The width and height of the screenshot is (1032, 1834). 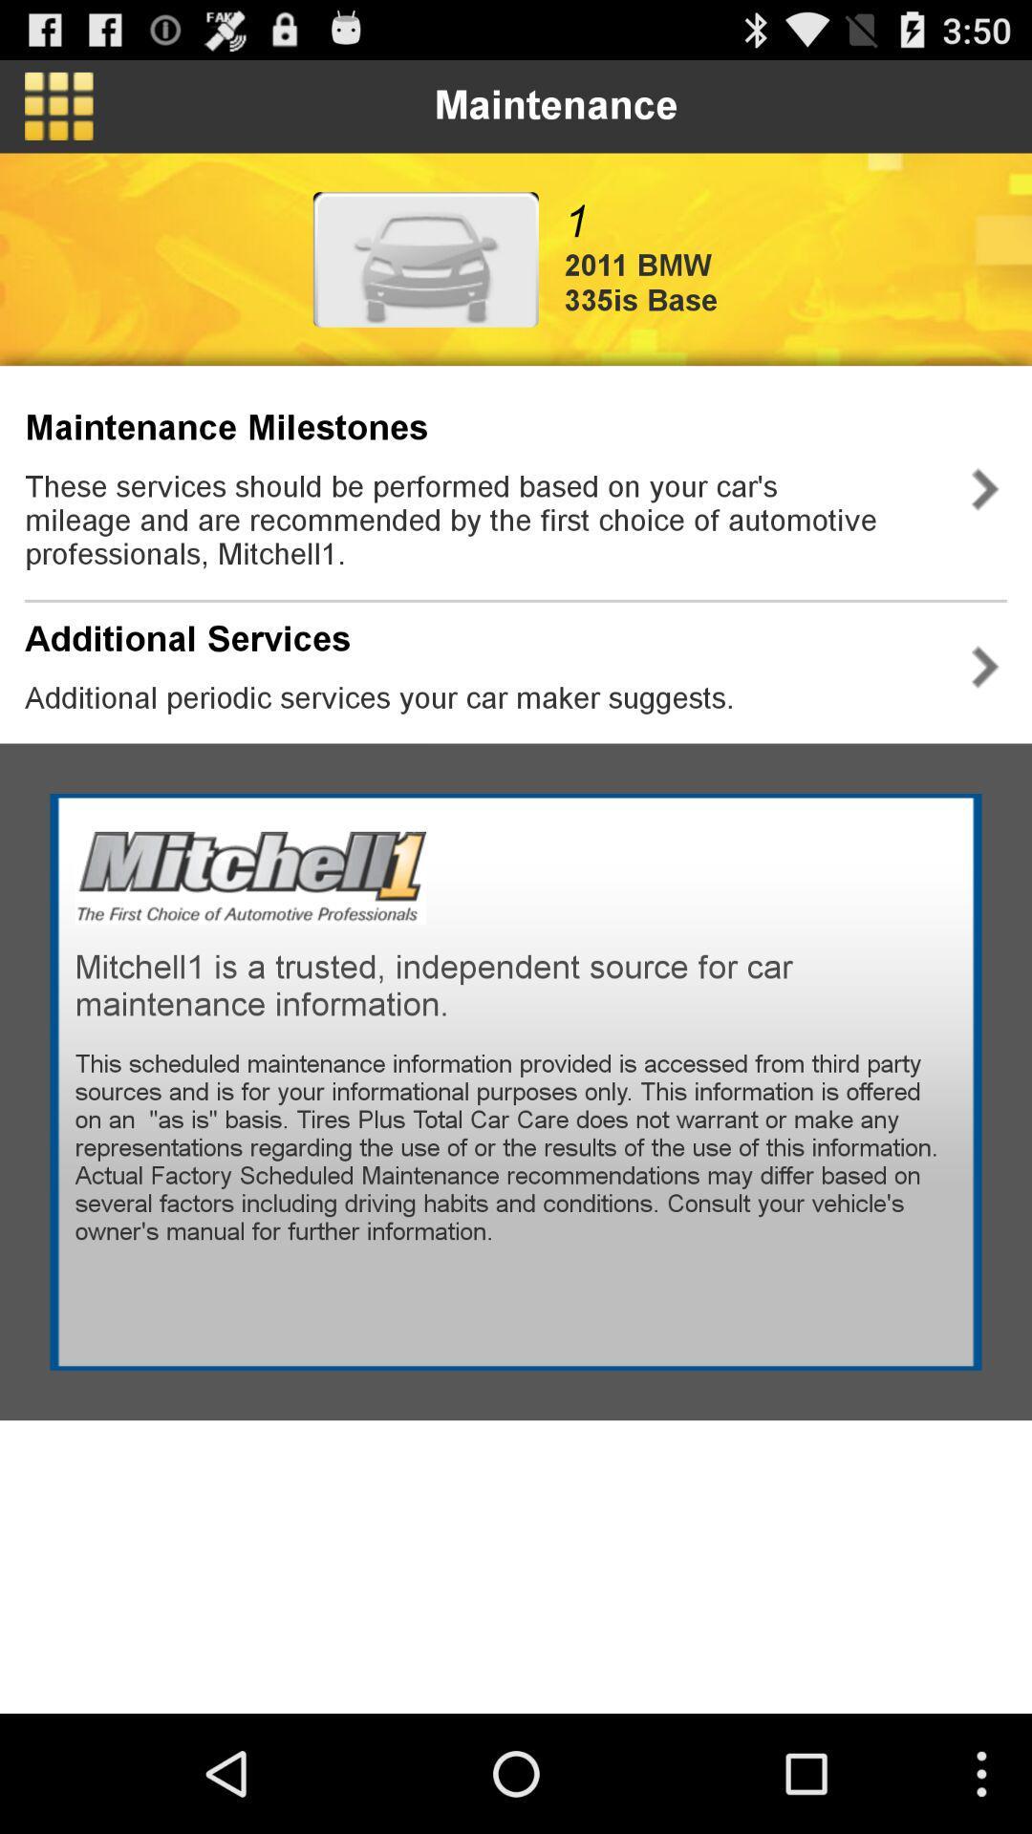 I want to click on icon above the maintenance milestones item, so click(x=57, y=105).